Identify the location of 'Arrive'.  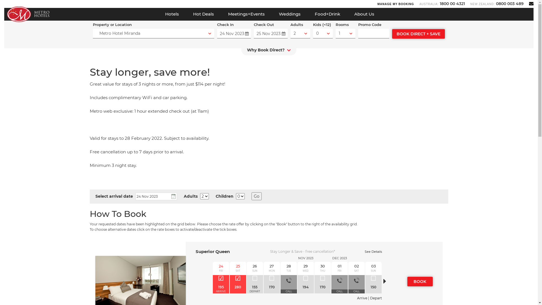
(362, 298).